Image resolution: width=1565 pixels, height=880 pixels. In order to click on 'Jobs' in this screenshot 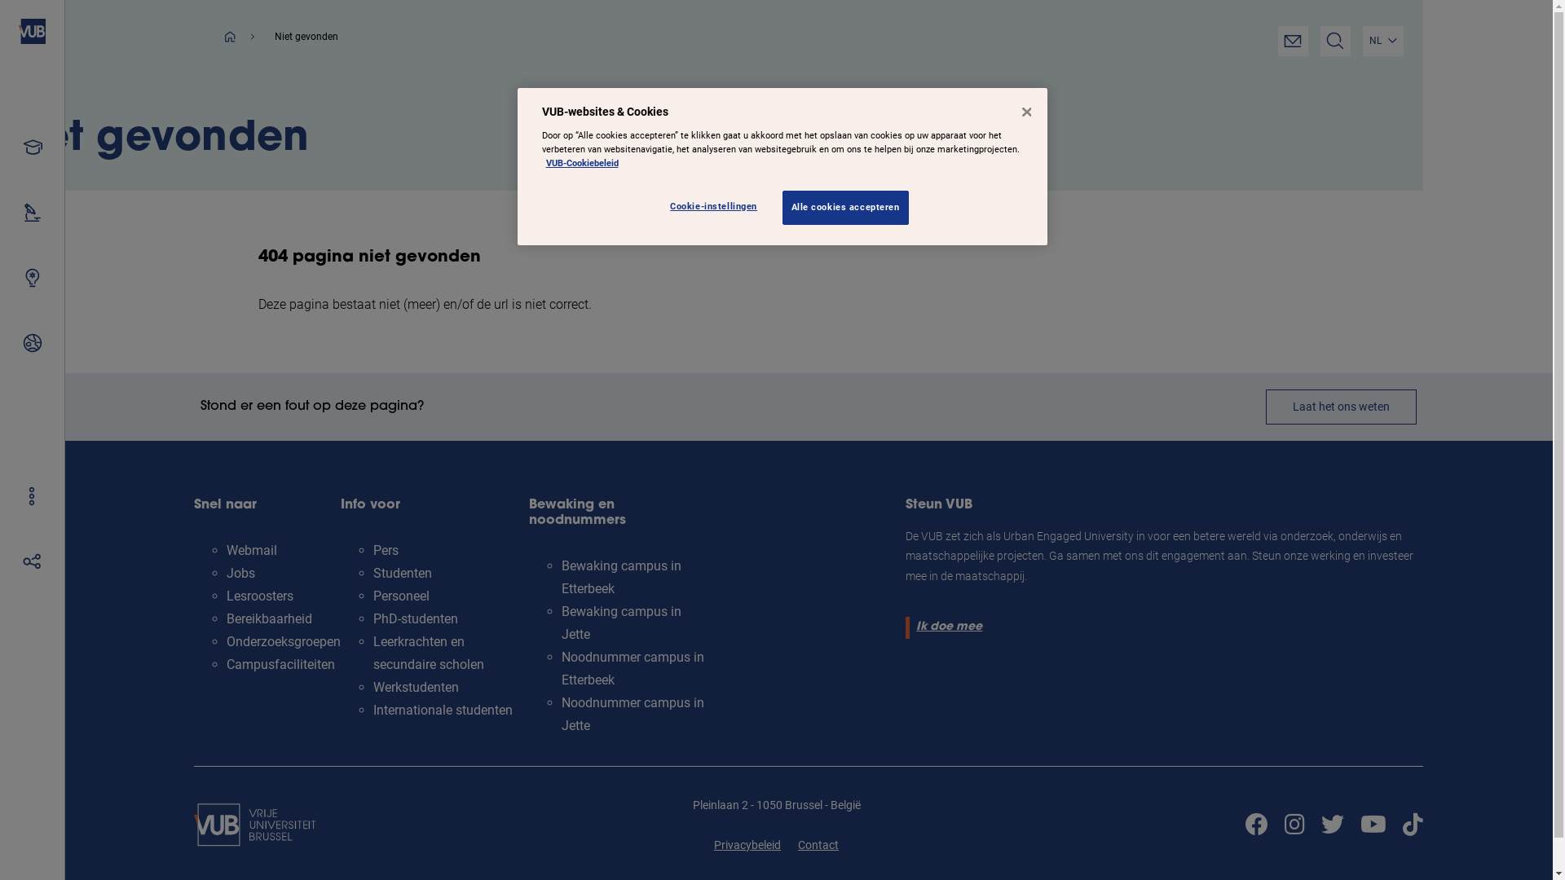, I will do `click(240, 572)`.